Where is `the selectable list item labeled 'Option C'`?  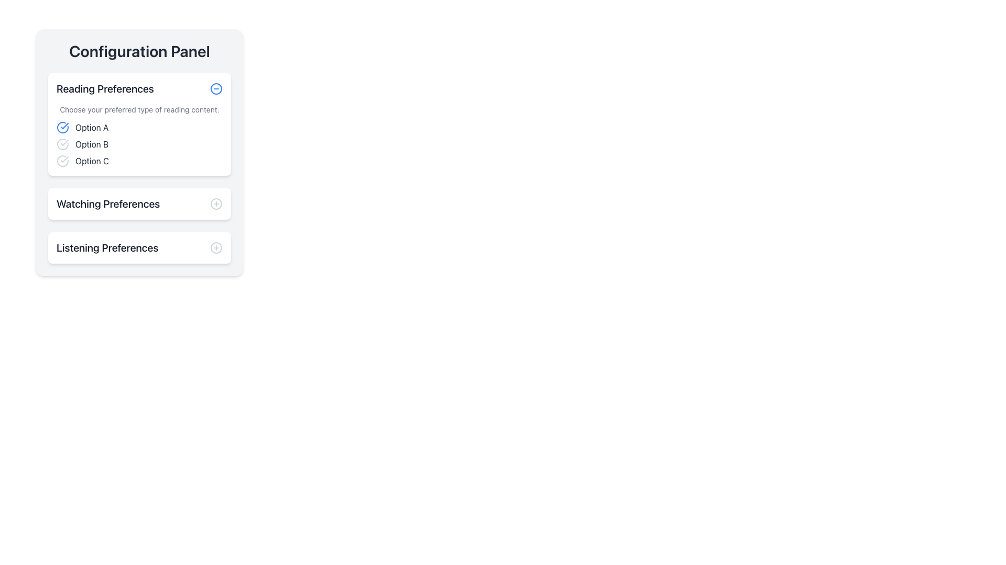 the selectable list item labeled 'Option C' is located at coordinates (139, 161).